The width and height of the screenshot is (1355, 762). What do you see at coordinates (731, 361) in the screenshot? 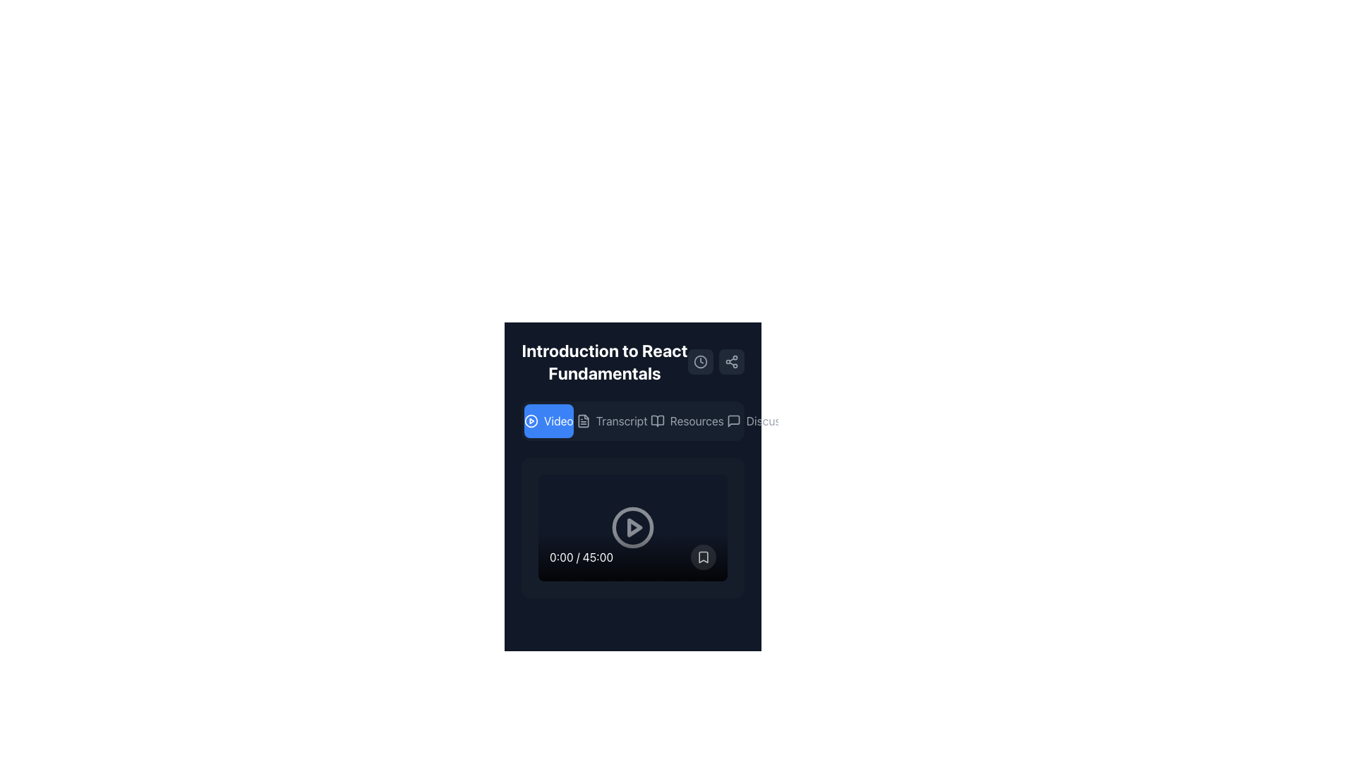
I see `the small square button with a rounded rectangle shape that has a dark gray background and an embedded sharing icon resembling three connected dots, located in the top-right section of the 'Introduction to React Fundamentals' panel` at bounding box center [731, 361].